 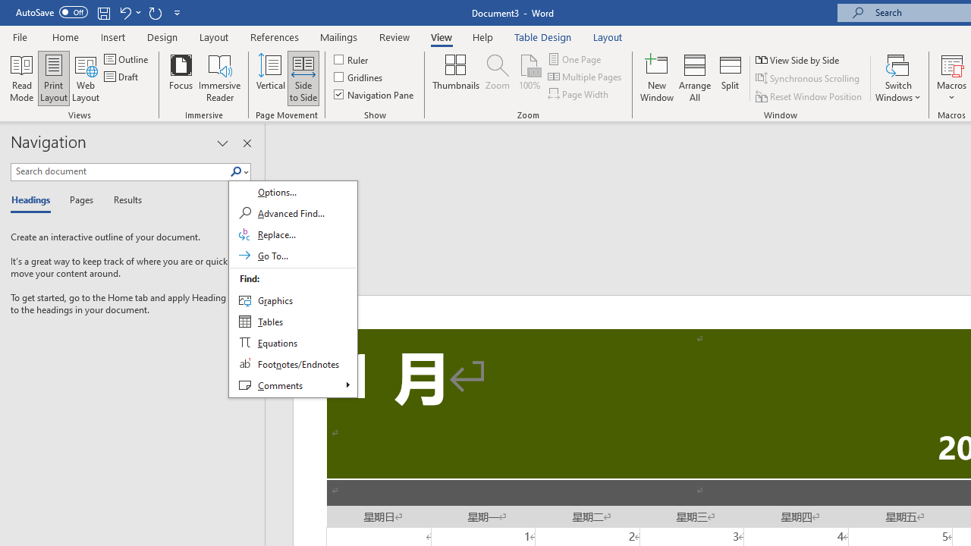 What do you see at coordinates (575, 58) in the screenshot?
I see `'One Page'` at bounding box center [575, 58].